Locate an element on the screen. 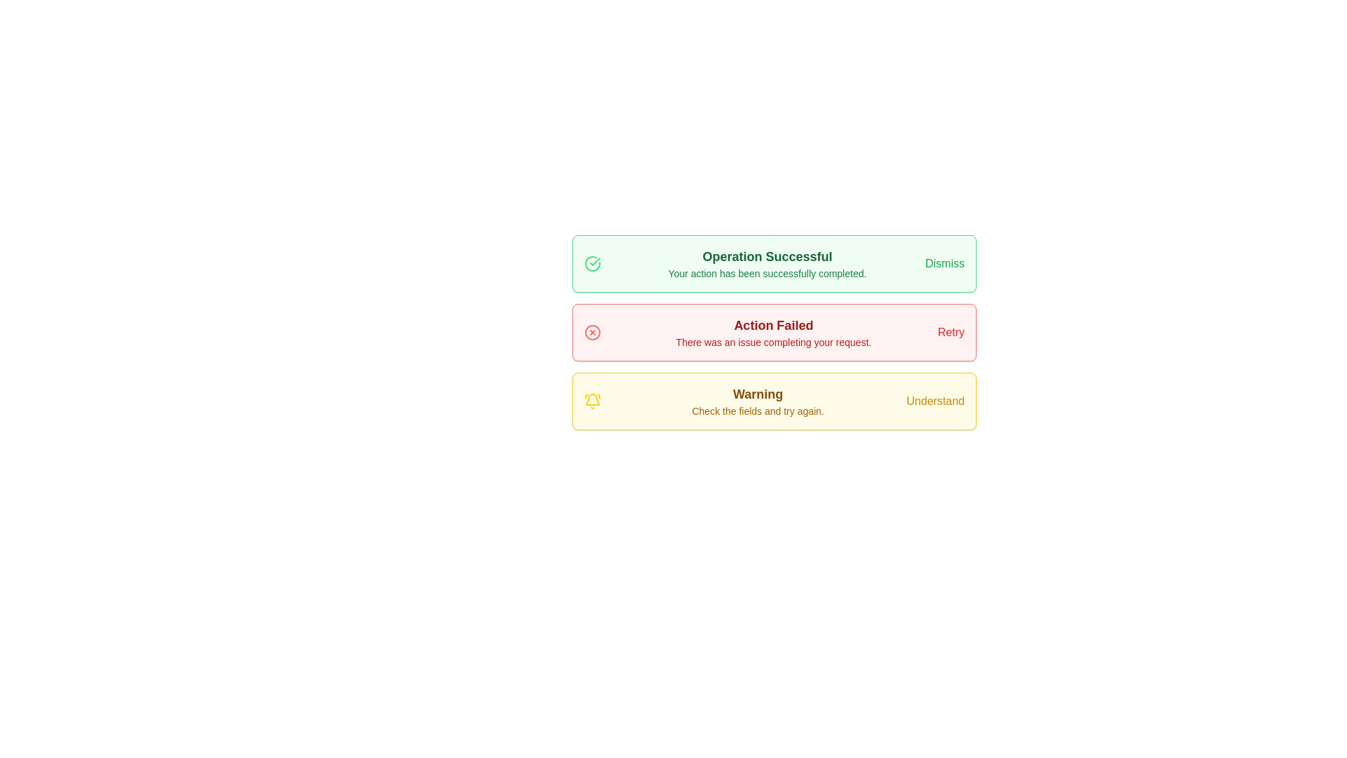  the success icon located at the left edge of the green notification bar, aligned with the text 'Operation Successful' is located at coordinates (595, 262).